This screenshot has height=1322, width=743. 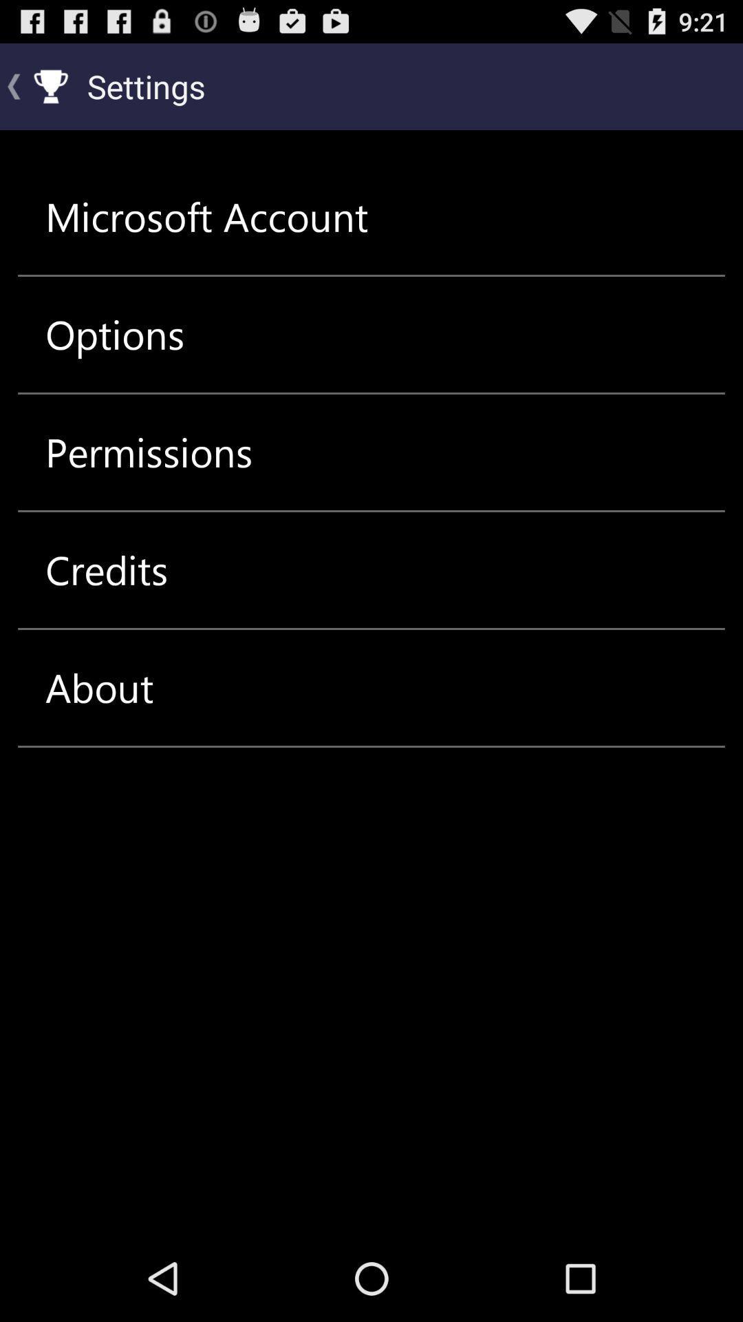 What do you see at coordinates (98, 687) in the screenshot?
I see `the item below the credits icon` at bounding box center [98, 687].